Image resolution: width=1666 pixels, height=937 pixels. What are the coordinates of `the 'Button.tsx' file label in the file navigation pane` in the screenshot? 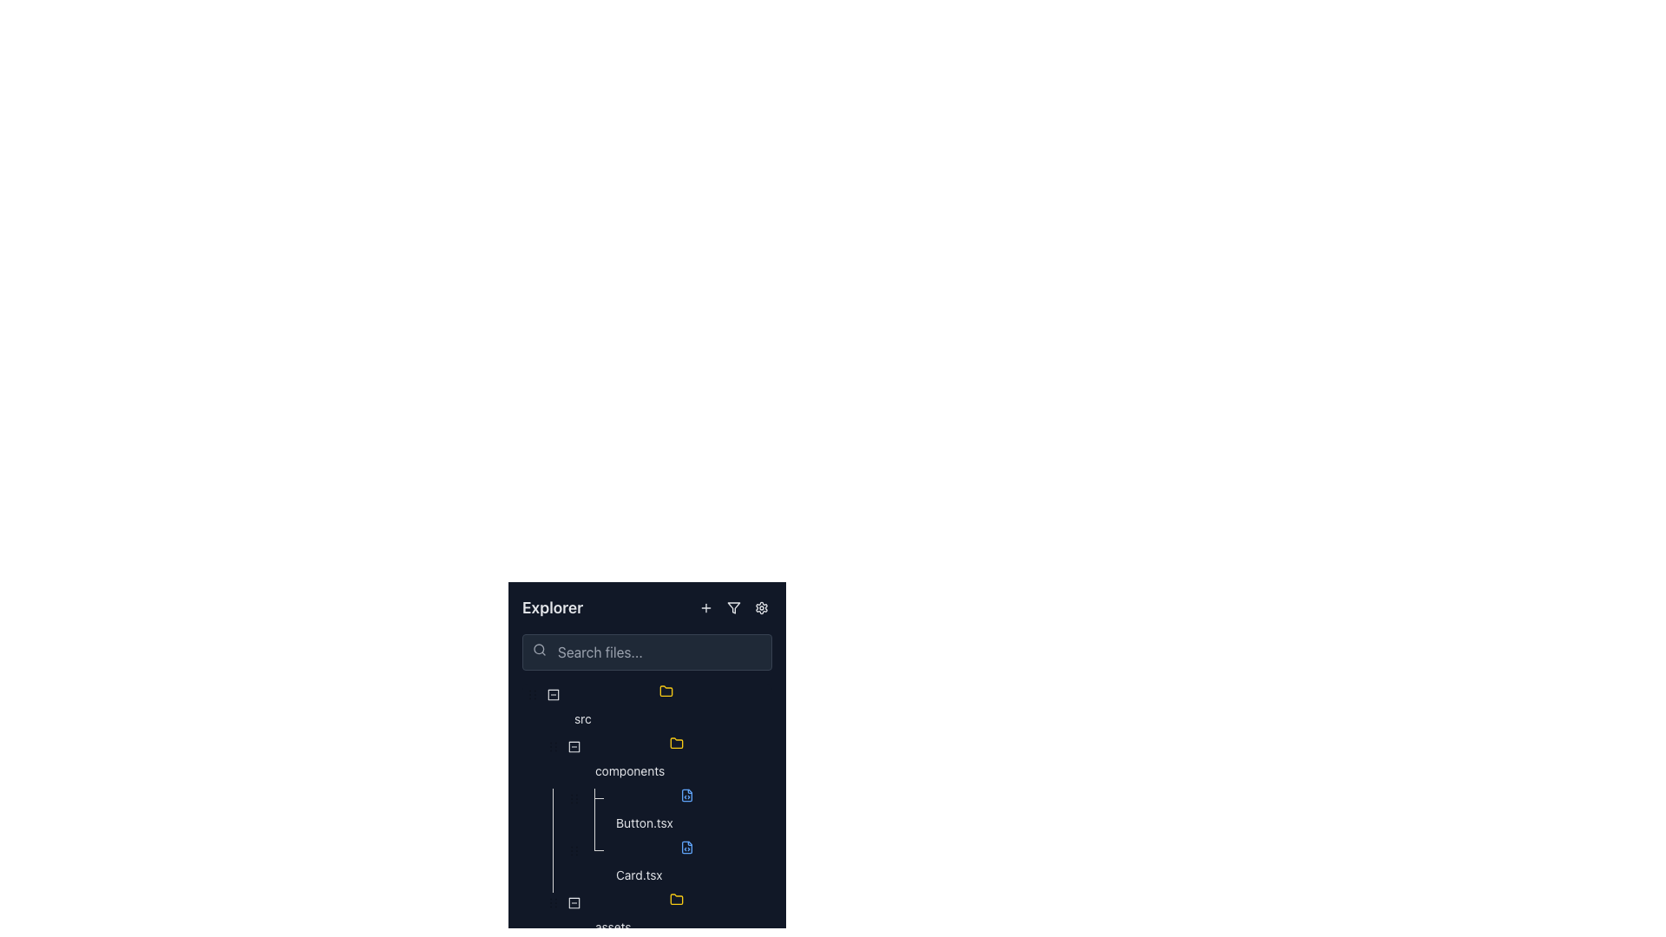 It's located at (643, 822).